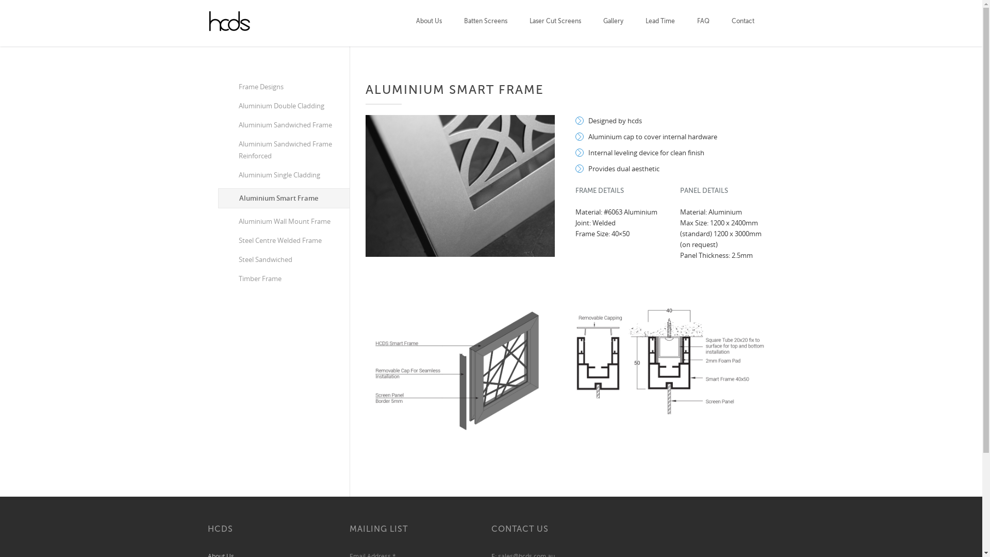 This screenshot has height=557, width=990. Describe the element at coordinates (416, 23) in the screenshot. I see `'About Us'` at that location.